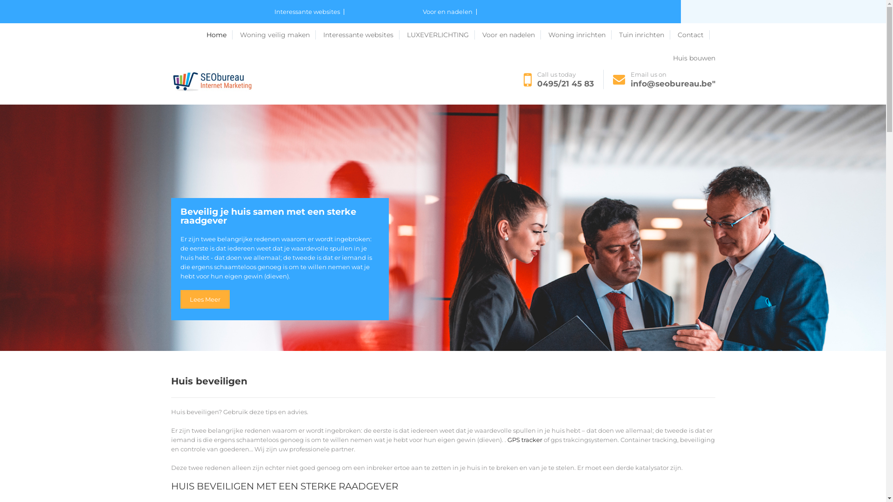 This screenshot has width=893, height=502. Describe the element at coordinates (673, 84) in the screenshot. I see `'info@seobureau.be"'` at that location.